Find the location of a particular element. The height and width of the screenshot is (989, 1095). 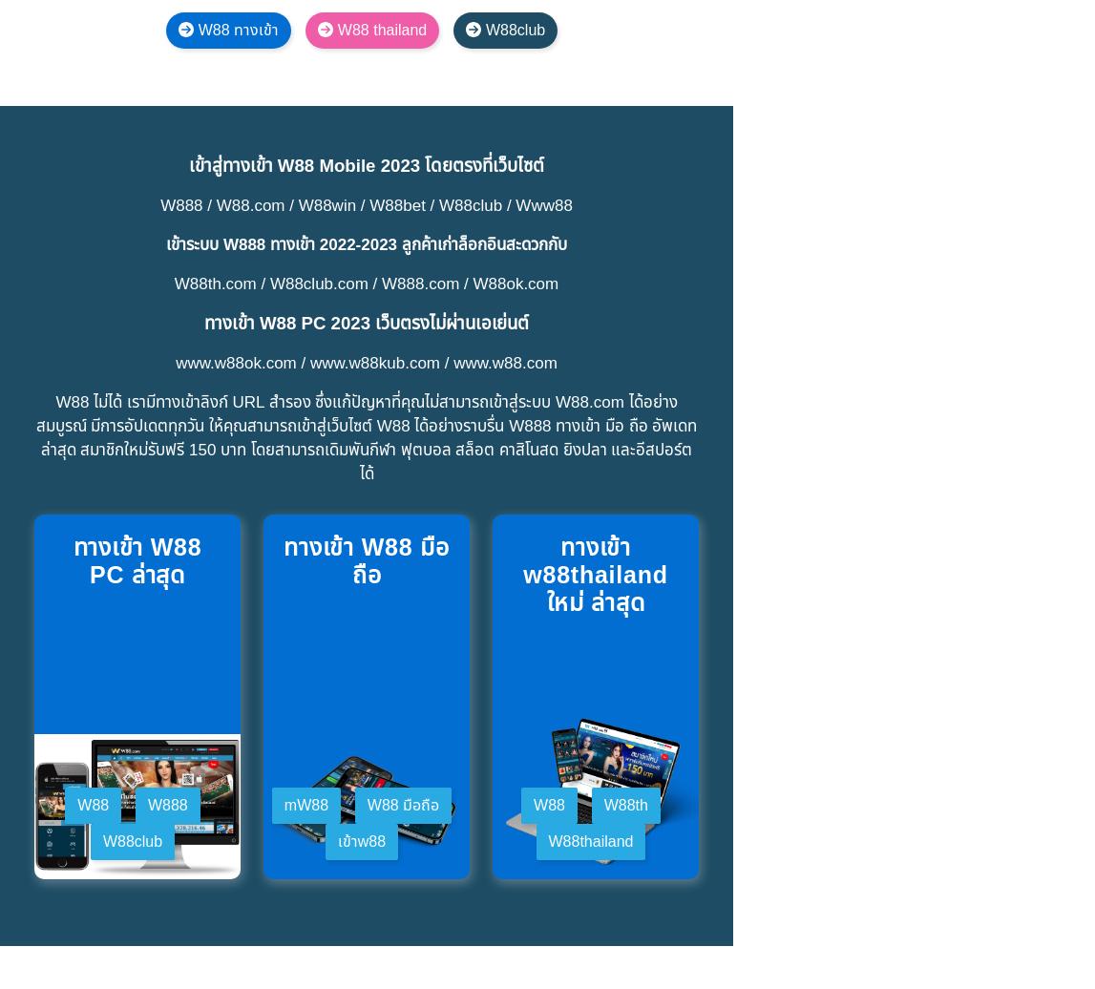

'ทีมดูแลลูกค้าของ W88 ได้รับการฝึกอบรมอย่างมืออาชีพ ทำงานตลอด 24 ชั่วโมงทุกวัน และสามารถรองรับลูกค้าได้หลายภาษา หากคุณต้องการความช่วยเหลือ คุณสามารถติดต่อ W88 ผ่านช่องทางต่างๆ เช่น:' is located at coordinates (211, 364).